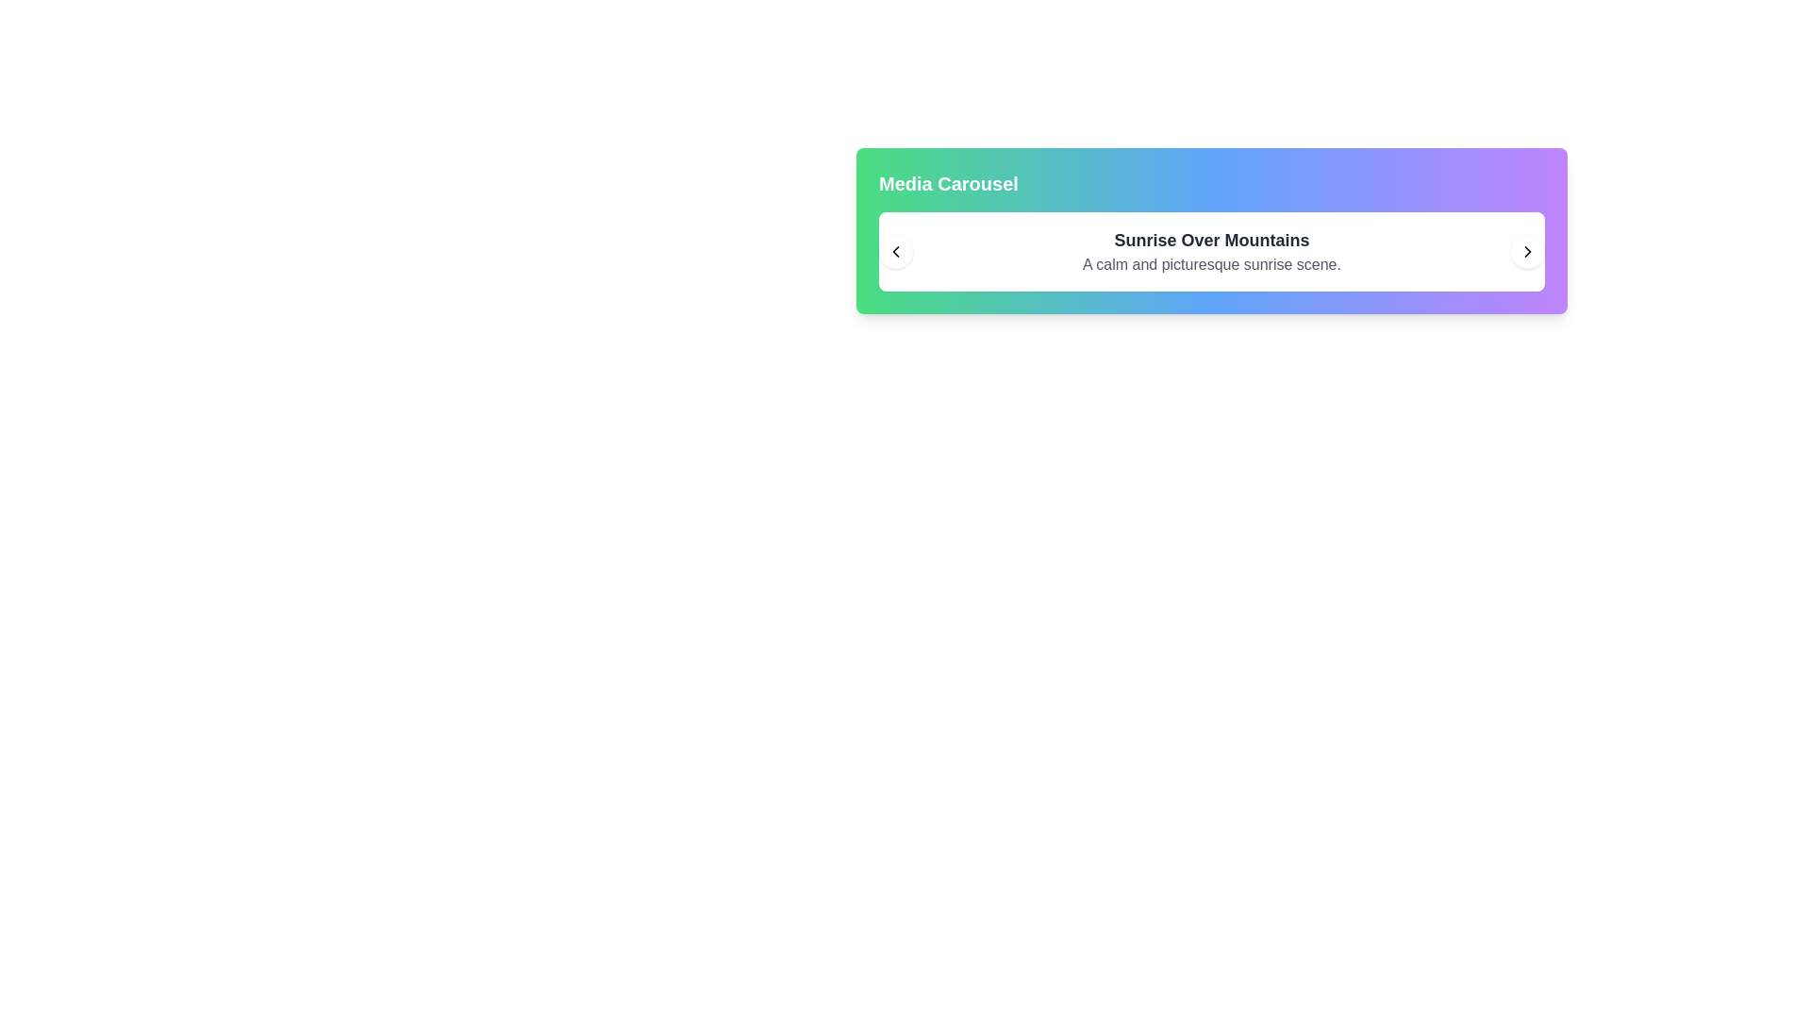  What do you see at coordinates (895, 250) in the screenshot?
I see `the left navigation button in the media carousel titled 'Sunrise Over Mountains', which is a circular button with a white background and a left-facing chevron icon` at bounding box center [895, 250].